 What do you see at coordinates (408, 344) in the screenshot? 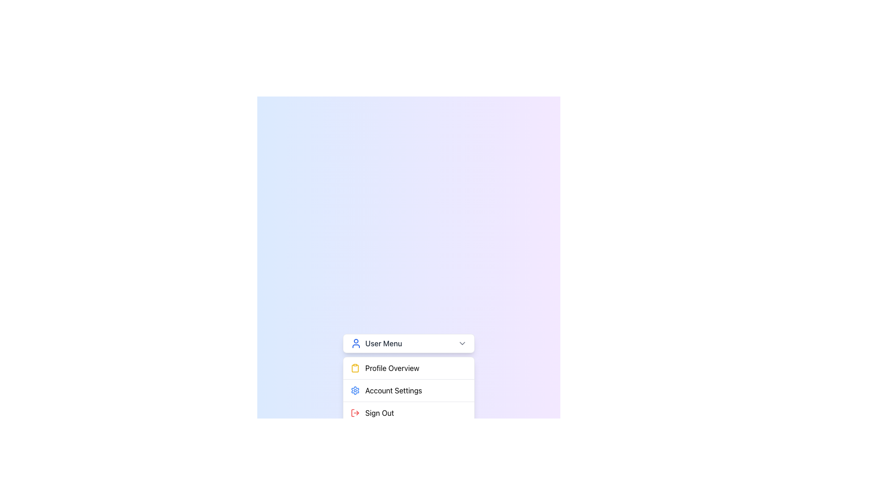
I see `the Dropdown Menu Button located at the upper area of the dropdown menu interface` at bounding box center [408, 344].